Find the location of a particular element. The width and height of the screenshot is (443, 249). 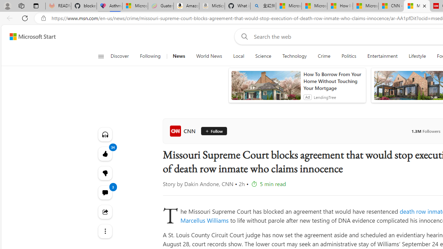

'34 Like' is located at coordinates (105, 153).